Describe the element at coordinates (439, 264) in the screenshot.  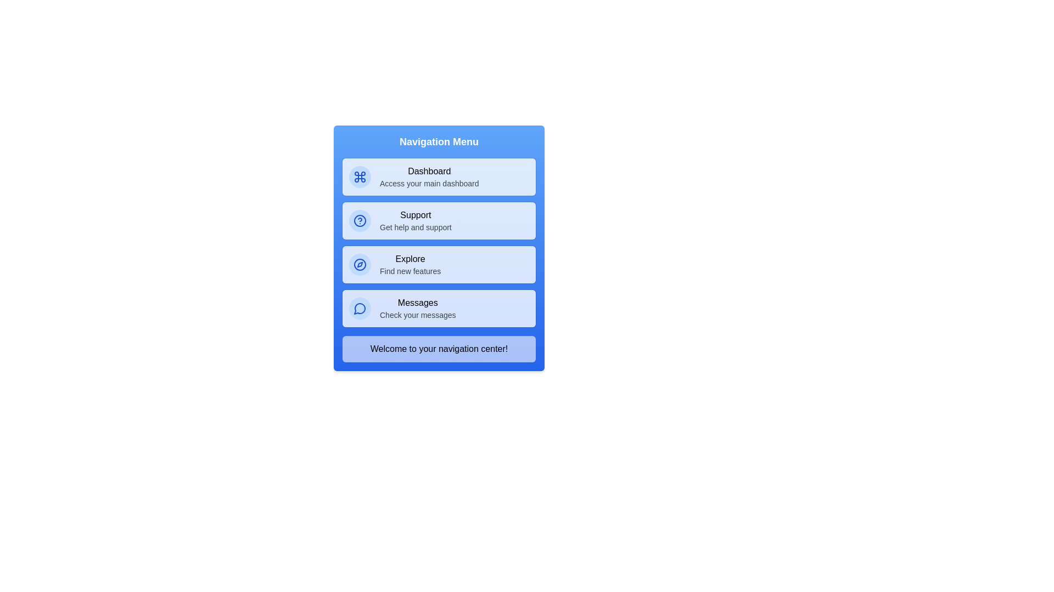
I see `the menu item corresponding to Explore` at that location.